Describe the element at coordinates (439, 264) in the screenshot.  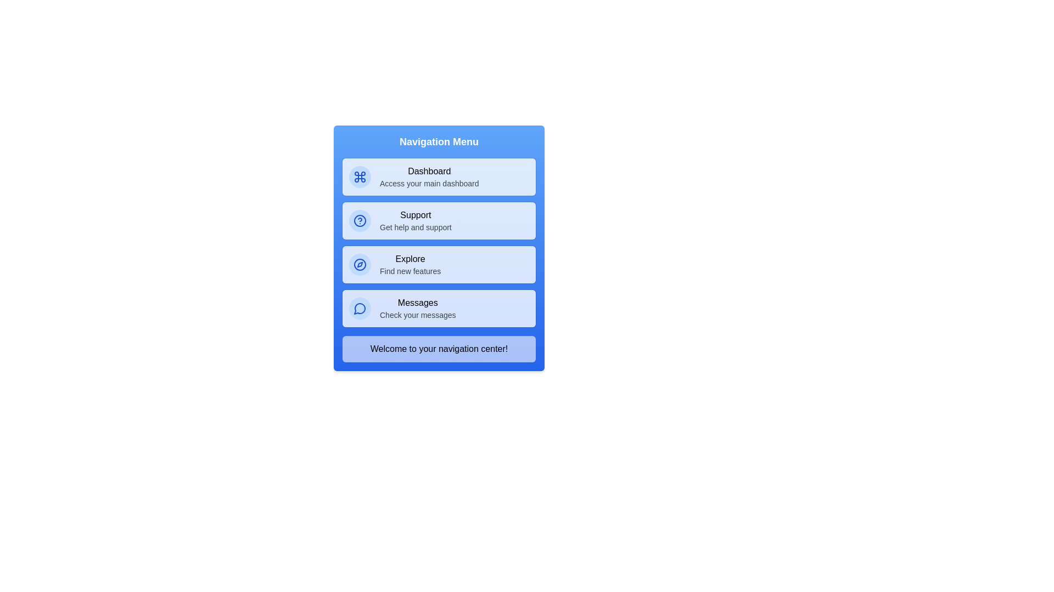
I see `the menu item corresponding to Explore` at that location.